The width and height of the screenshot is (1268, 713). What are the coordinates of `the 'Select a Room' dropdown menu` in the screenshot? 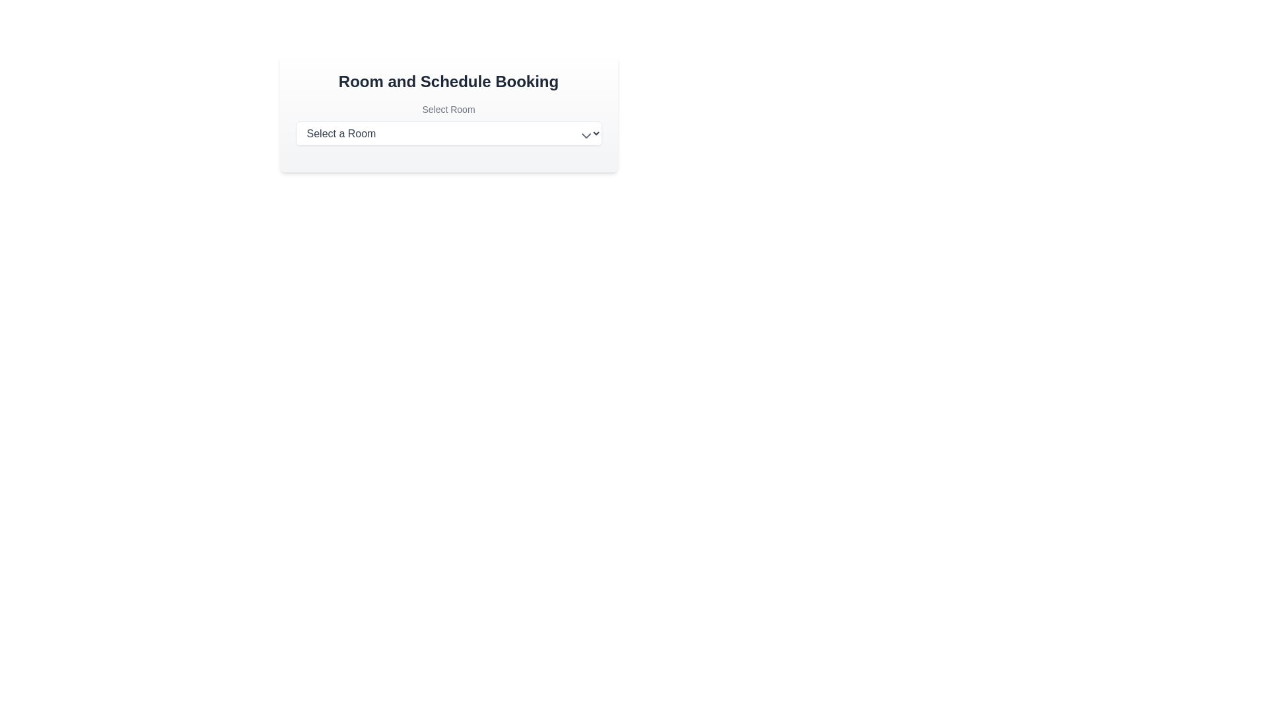 It's located at (448, 133).